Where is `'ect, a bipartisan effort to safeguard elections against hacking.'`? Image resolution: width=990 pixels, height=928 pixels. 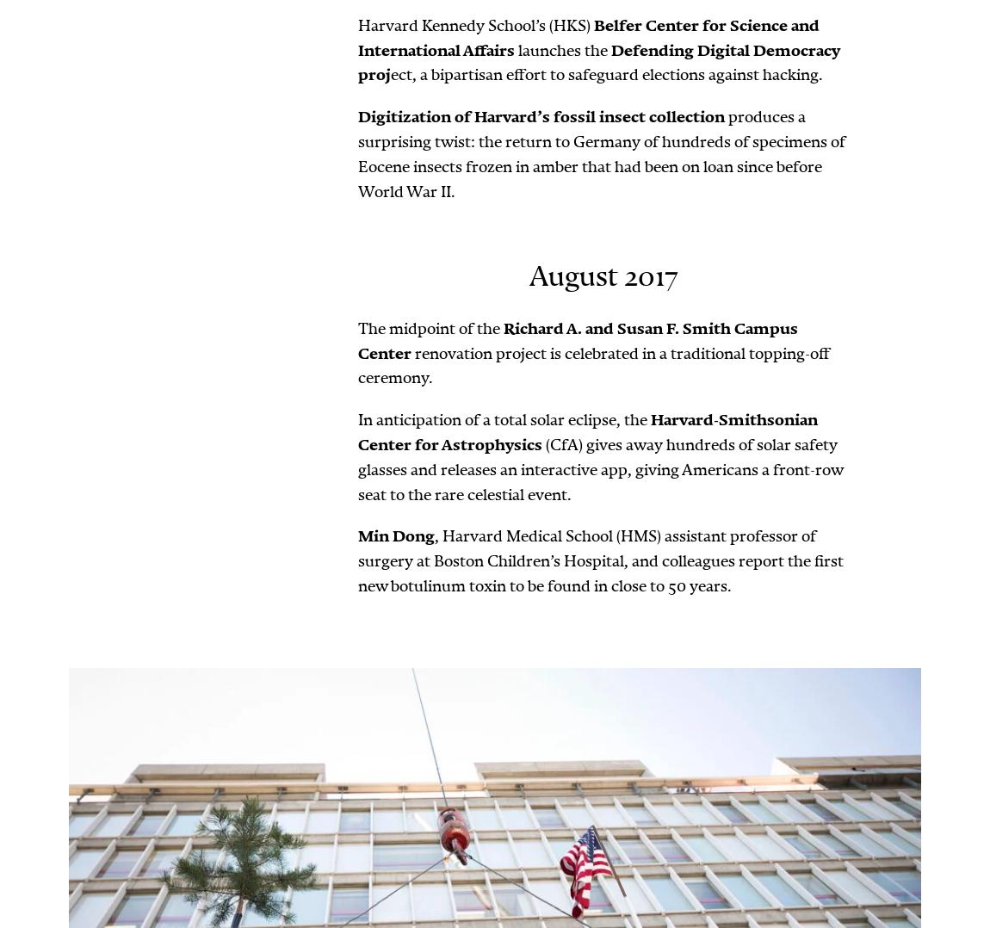 'ect, a bipartisan effort to safeguard elections against hacking.' is located at coordinates (605, 73).